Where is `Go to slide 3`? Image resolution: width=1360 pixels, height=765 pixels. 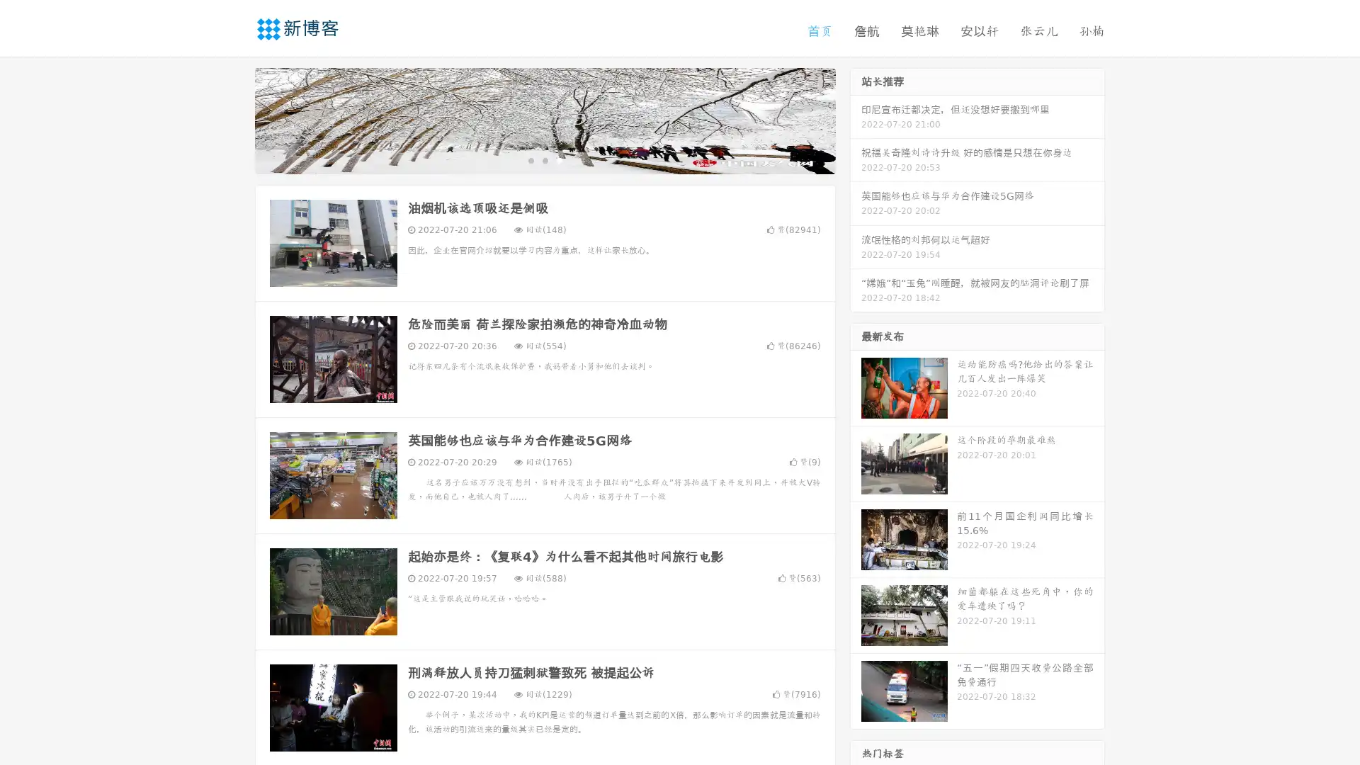
Go to slide 3 is located at coordinates (559, 159).